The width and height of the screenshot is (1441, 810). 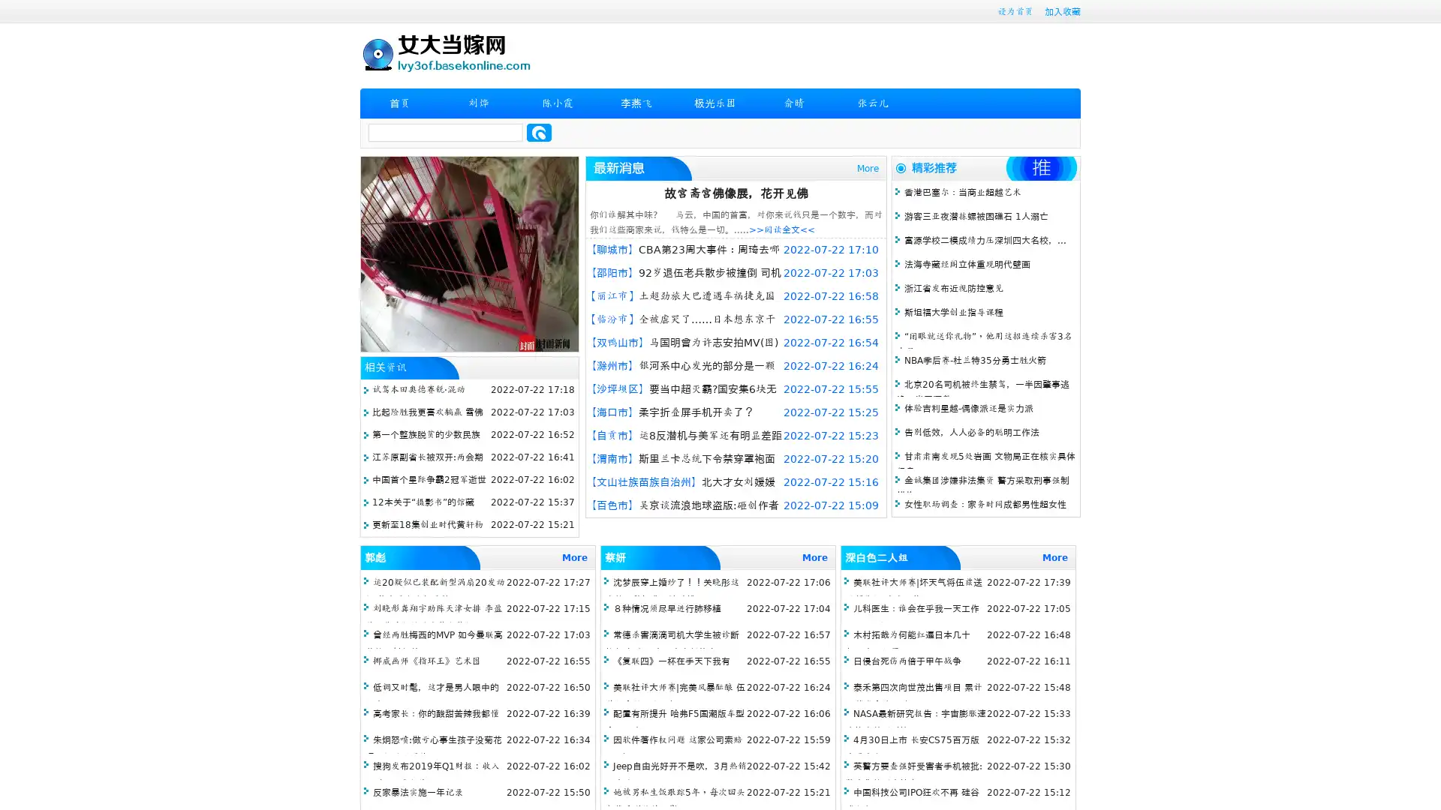 I want to click on Search, so click(x=539, y=132).